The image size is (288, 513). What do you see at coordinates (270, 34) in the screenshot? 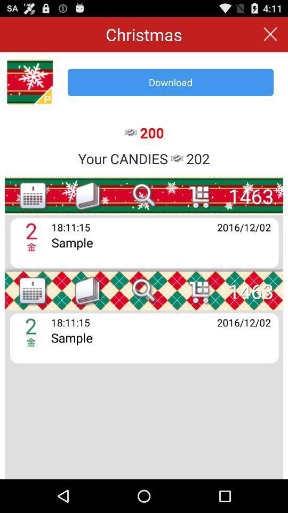
I see `item to the right of the christmas item` at bounding box center [270, 34].